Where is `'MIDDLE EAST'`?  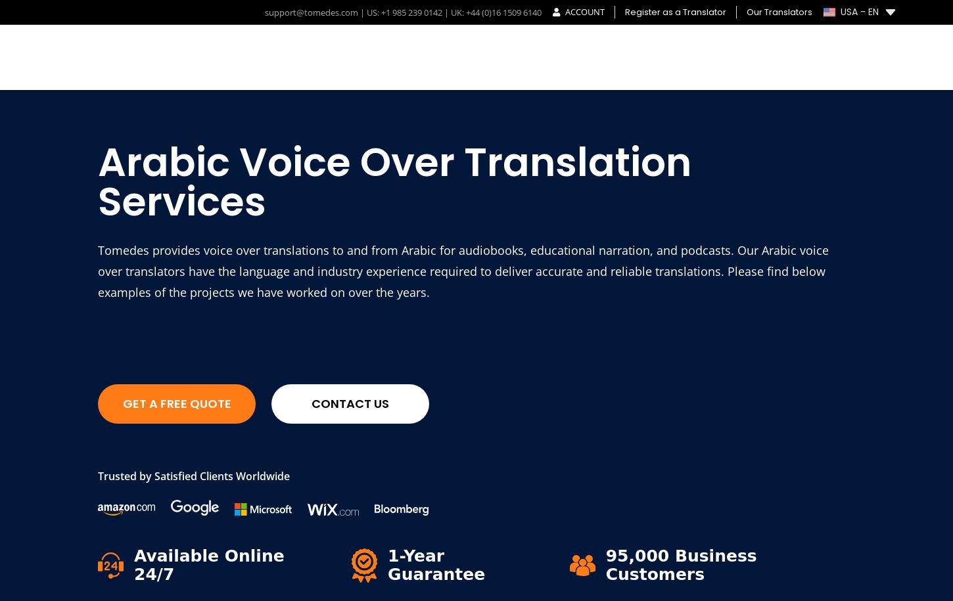
'MIDDLE EAST' is located at coordinates (288, 441).